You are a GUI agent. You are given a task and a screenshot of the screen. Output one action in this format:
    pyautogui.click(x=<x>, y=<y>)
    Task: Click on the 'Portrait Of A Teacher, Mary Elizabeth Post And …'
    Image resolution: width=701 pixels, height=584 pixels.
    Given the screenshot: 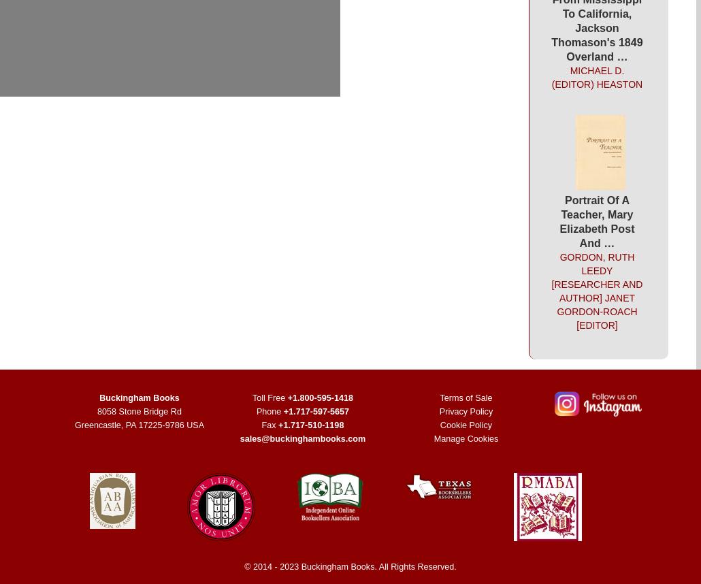 What is the action you would take?
    pyautogui.click(x=597, y=220)
    